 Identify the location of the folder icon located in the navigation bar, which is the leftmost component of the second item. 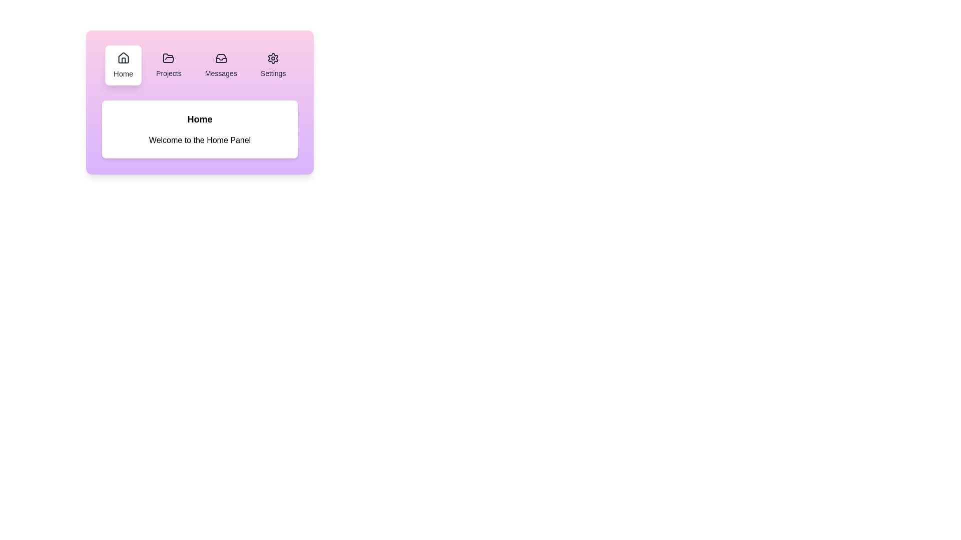
(169, 58).